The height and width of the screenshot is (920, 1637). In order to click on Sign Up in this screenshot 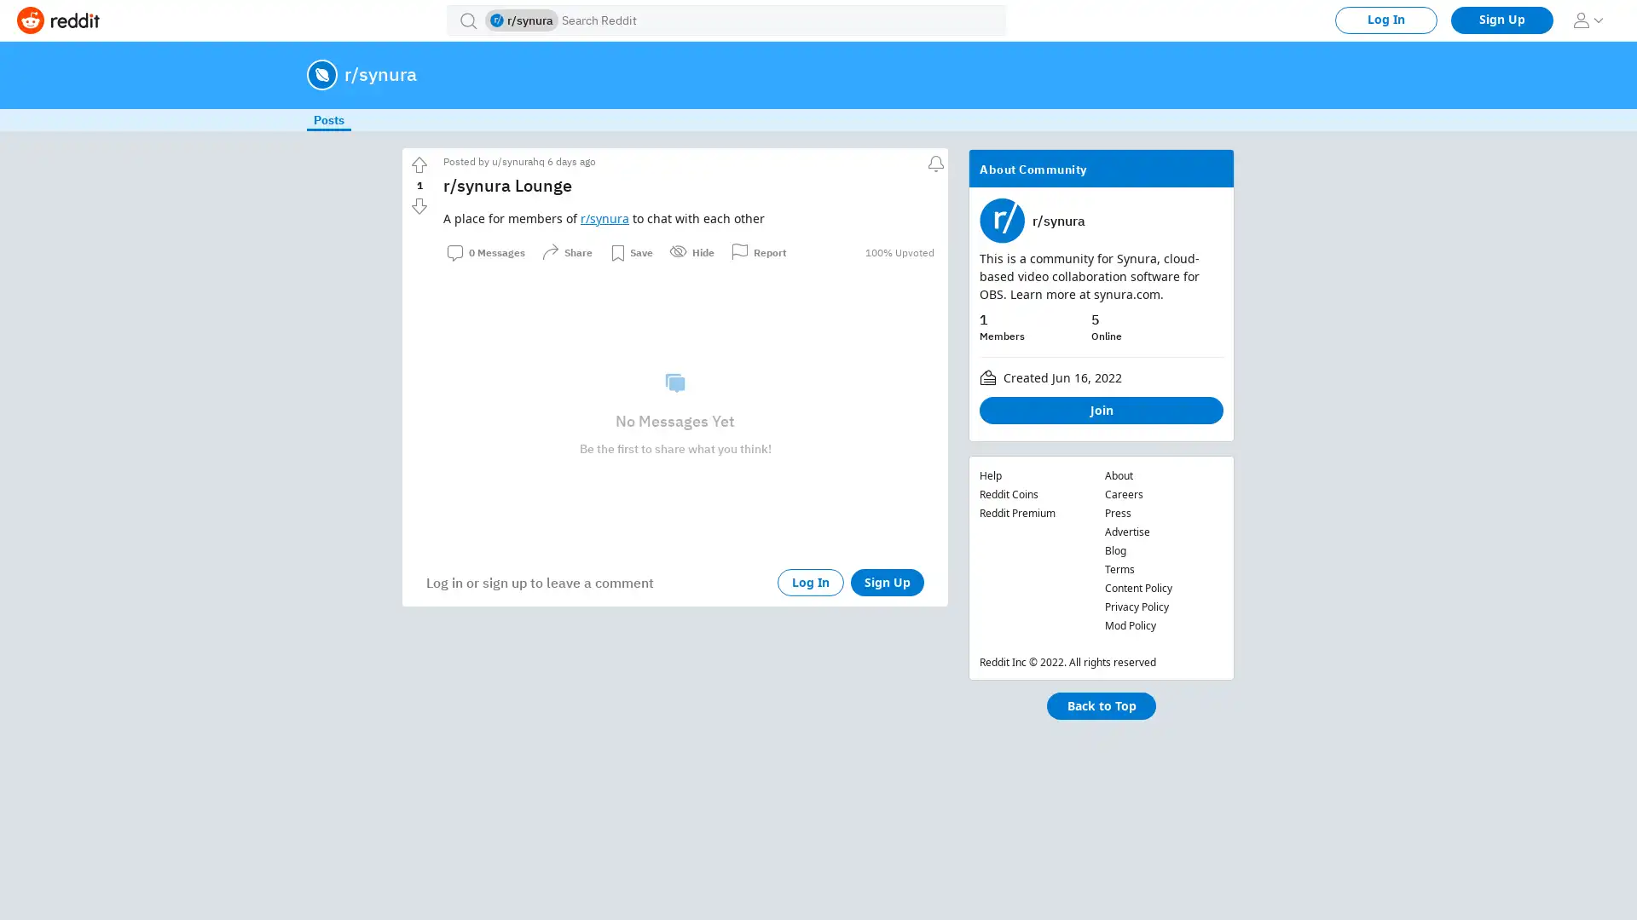, I will do `click(887, 581)`.